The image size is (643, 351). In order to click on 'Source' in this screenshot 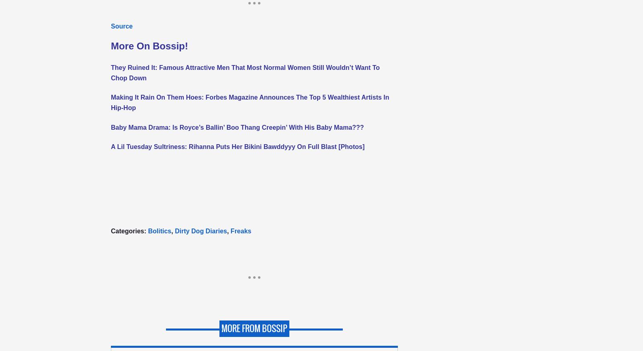, I will do `click(111, 25)`.